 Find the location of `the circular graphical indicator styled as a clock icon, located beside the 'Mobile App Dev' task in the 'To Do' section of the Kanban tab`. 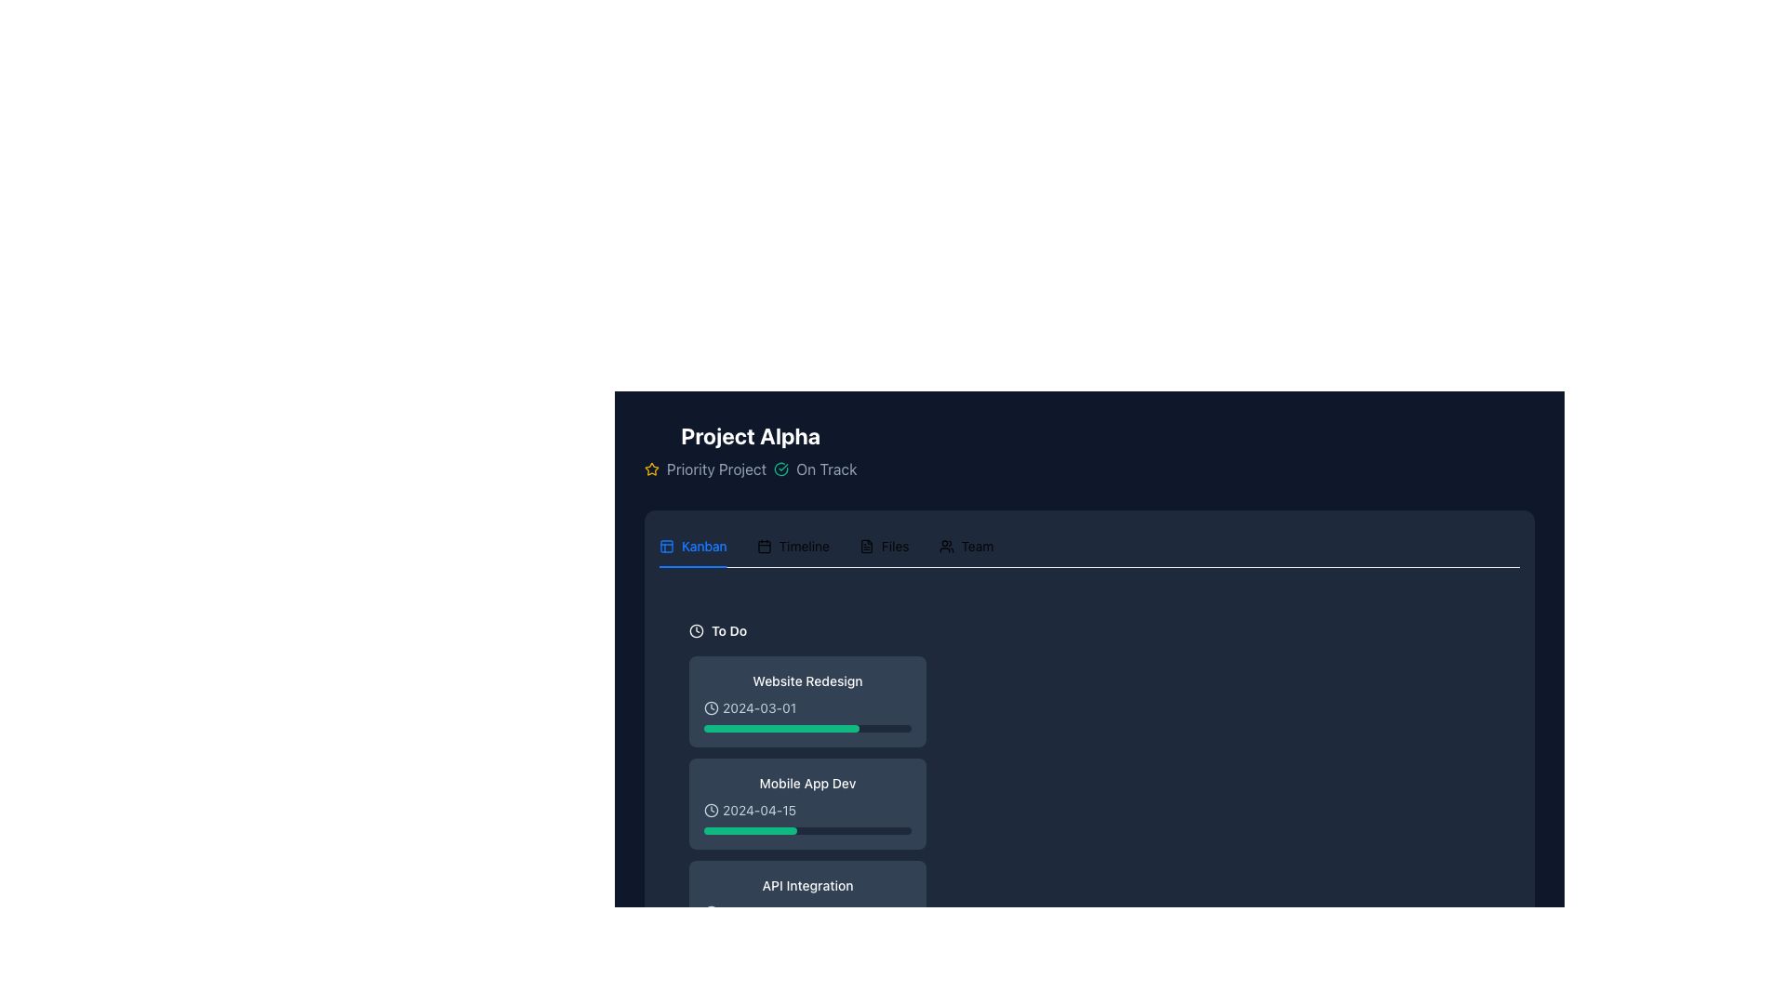

the circular graphical indicator styled as a clock icon, located beside the 'Mobile App Dev' task in the 'To Do' section of the Kanban tab is located at coordinates (710, 809).